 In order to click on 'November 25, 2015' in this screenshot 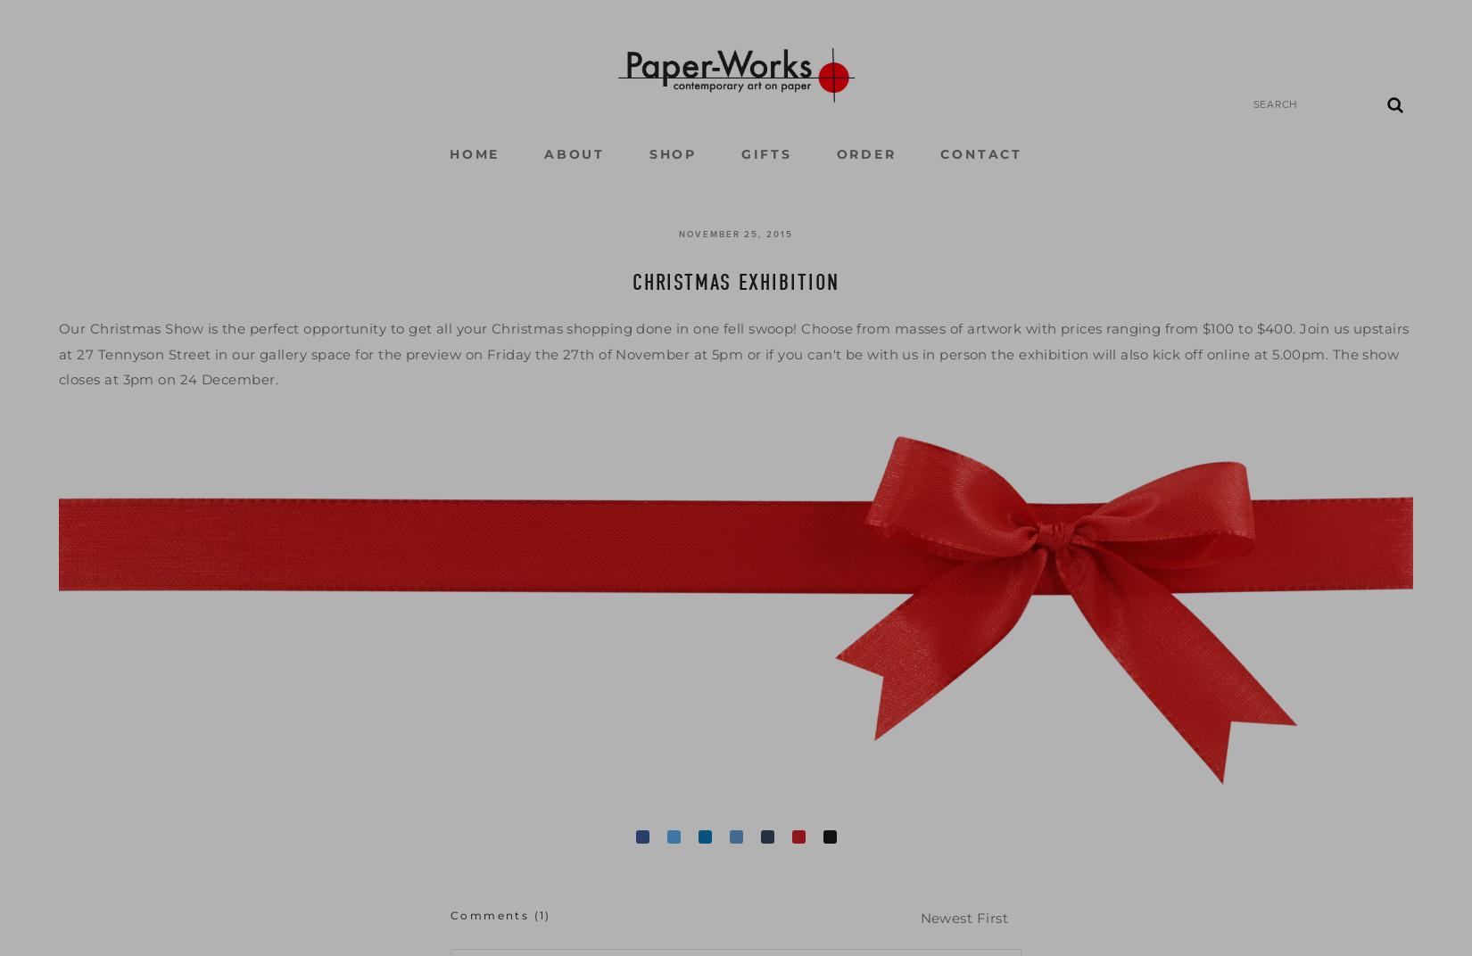, I will do `click(734, 234)`.